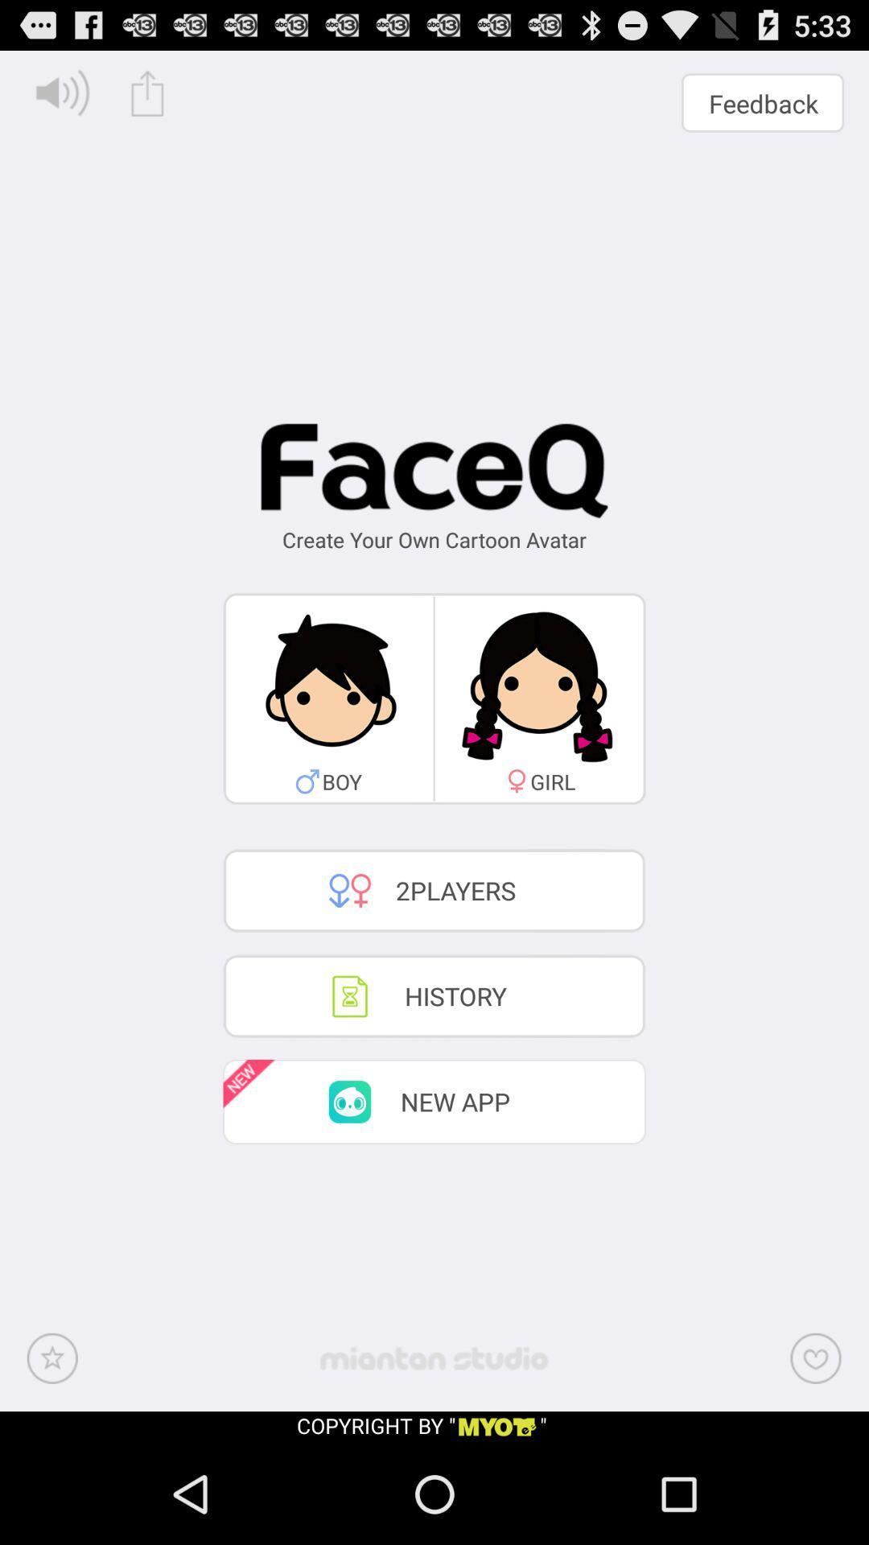 This screenshot has height=1545, width=869. I want to click on the bottom left icon, so click(51, 1358).